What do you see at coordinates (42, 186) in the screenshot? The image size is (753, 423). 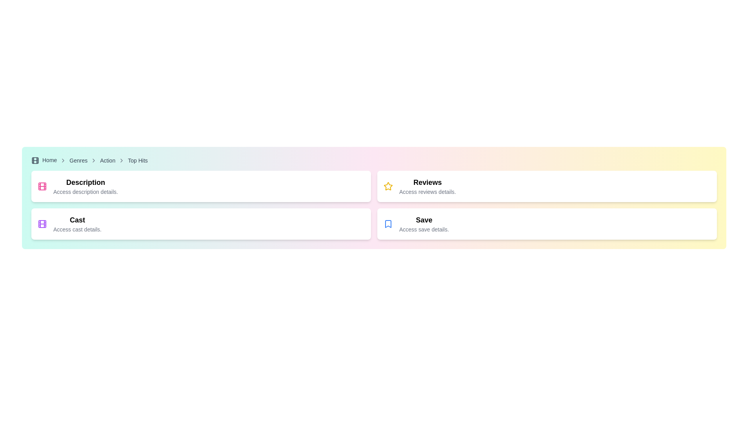 I see `the decorative icon located to the left of the label text in the 'Description' card` at bounding box center [42, 186].